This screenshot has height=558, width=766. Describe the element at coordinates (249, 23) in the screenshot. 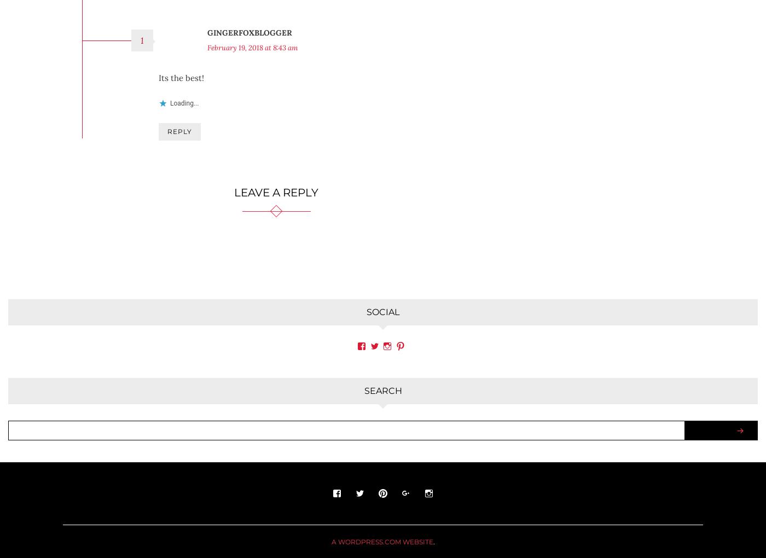

I see `'gingerfoxblogger'` at that location.